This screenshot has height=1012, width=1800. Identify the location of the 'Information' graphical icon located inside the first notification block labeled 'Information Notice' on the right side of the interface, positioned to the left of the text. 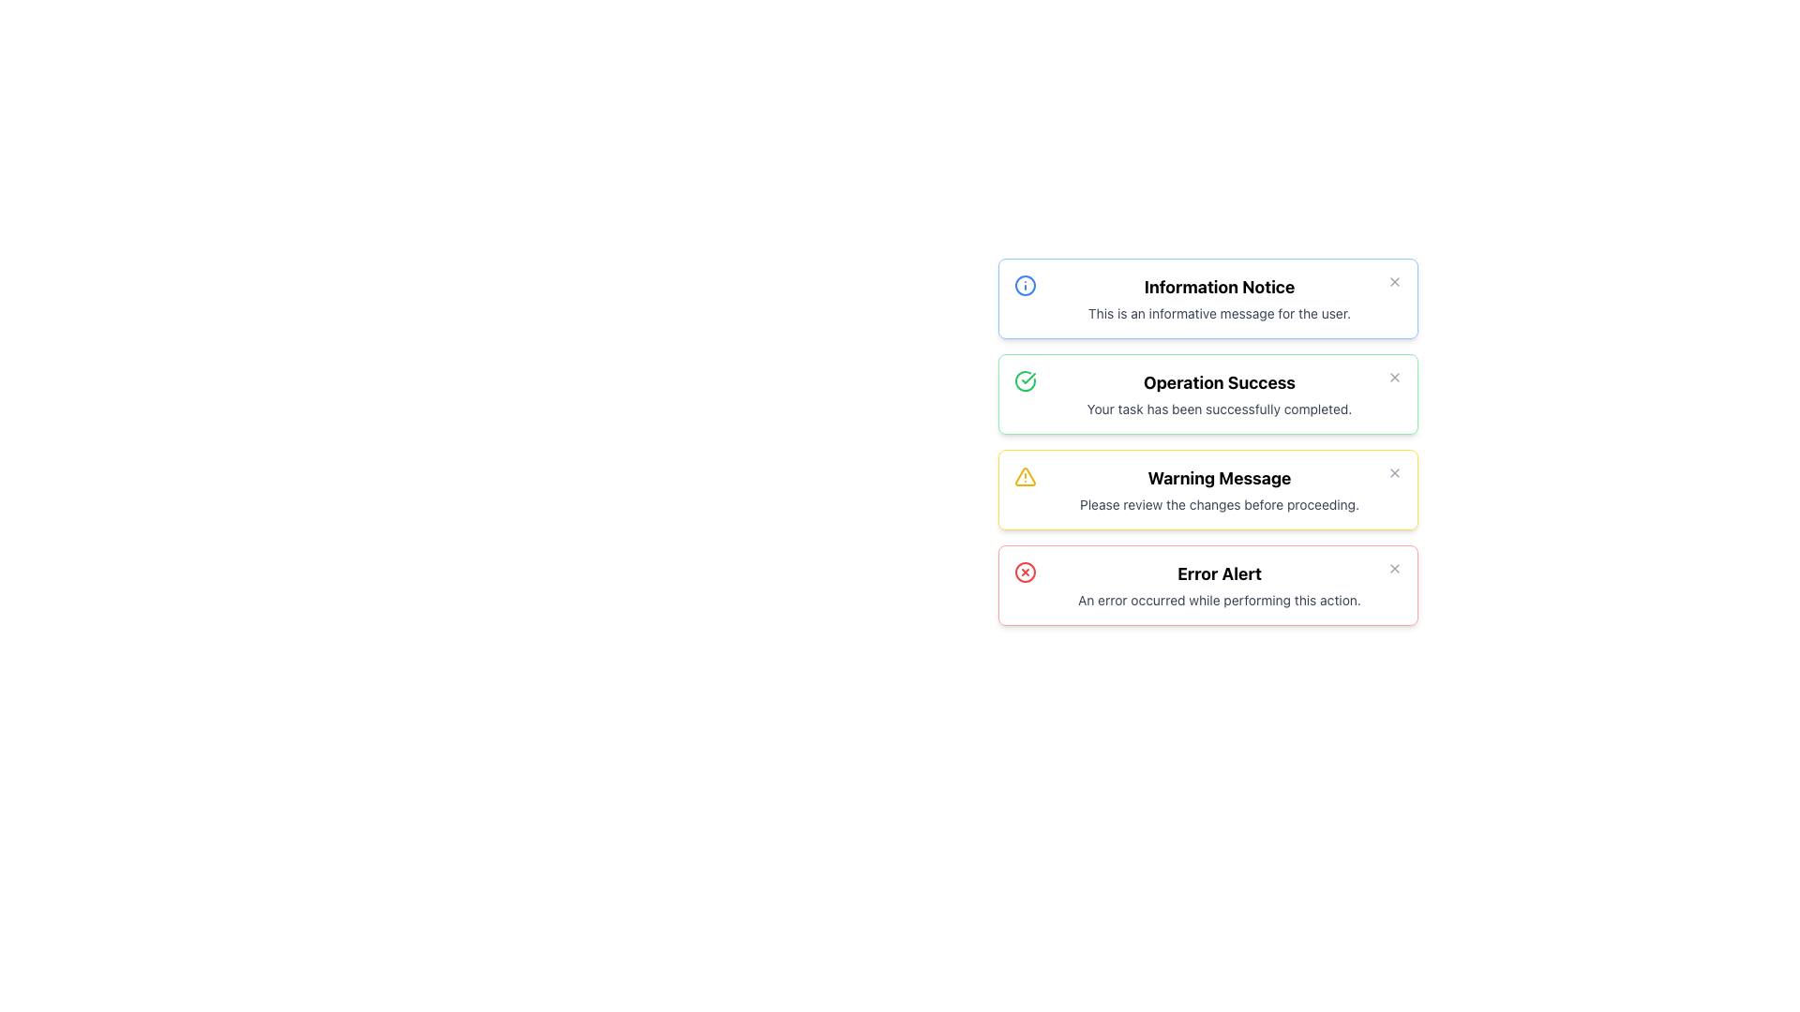
(1025, 285).